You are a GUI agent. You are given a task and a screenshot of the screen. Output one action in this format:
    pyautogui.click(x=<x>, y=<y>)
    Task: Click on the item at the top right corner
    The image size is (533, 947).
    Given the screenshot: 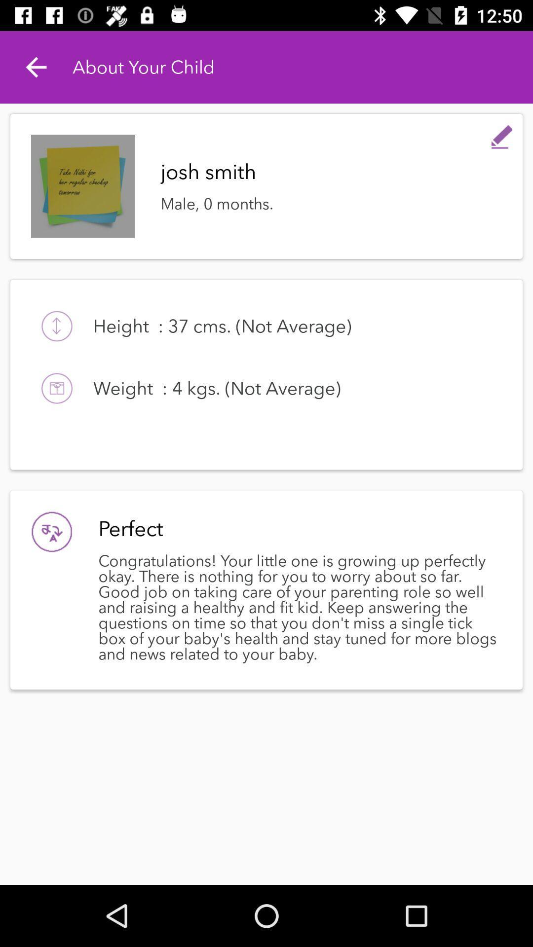 What is the action you would take?
    pyautogui.click(x=502, y=134)
    